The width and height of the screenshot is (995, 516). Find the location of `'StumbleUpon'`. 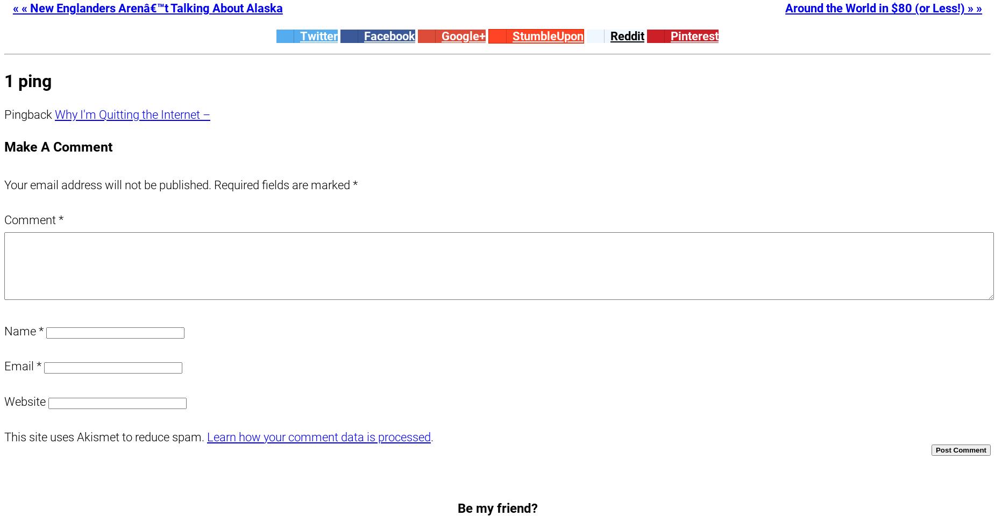

'StumbleUpon' is located at coordinates (511, 36).